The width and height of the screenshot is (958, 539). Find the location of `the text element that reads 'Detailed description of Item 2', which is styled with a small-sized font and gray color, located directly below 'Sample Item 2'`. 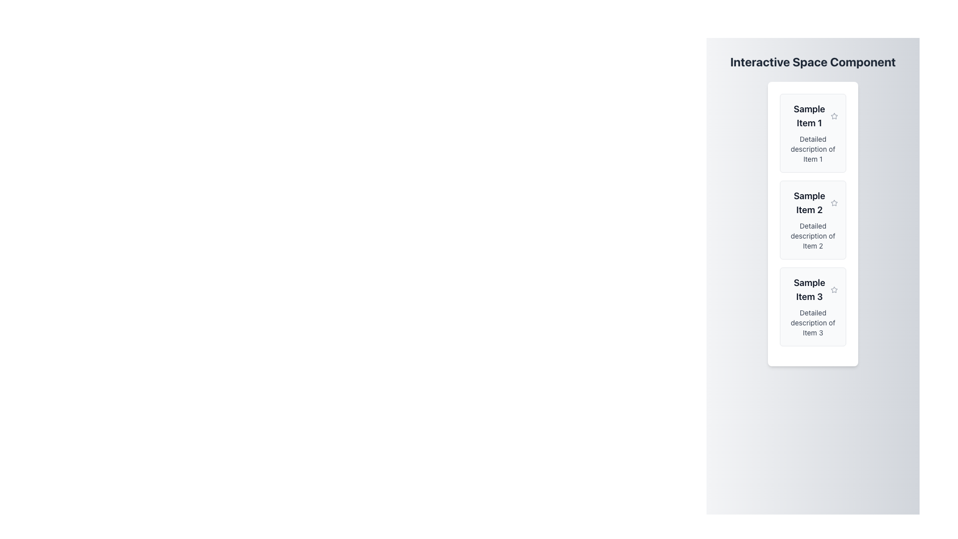

the text element that reads 'Detailed description of Item 2', which is styled with a small-sized font and gray color, located directly below 'Sample Item 2' is located at coordinates (813, 236).